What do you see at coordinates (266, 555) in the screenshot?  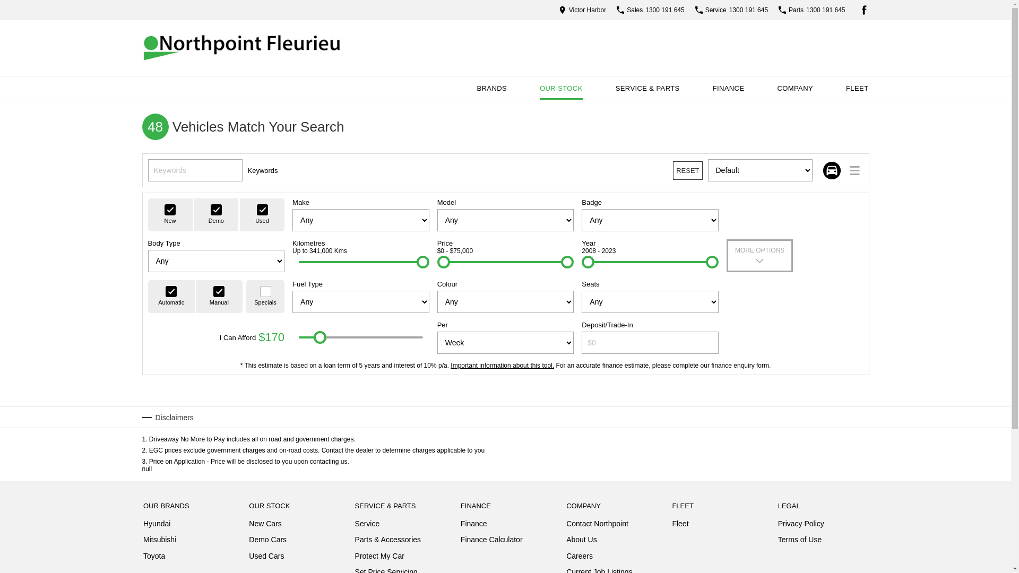 I see `'Used Cars'` at bounding box center [266, 555].